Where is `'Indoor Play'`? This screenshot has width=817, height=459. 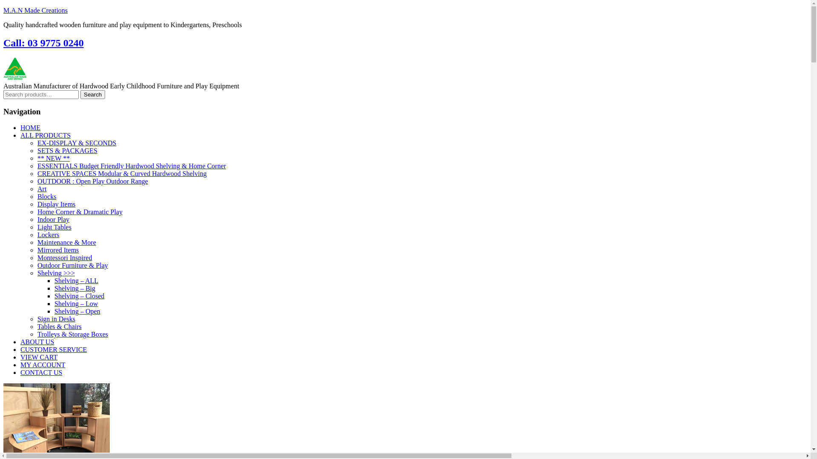
'Indoor Play' is located at coordinates (53, 219).